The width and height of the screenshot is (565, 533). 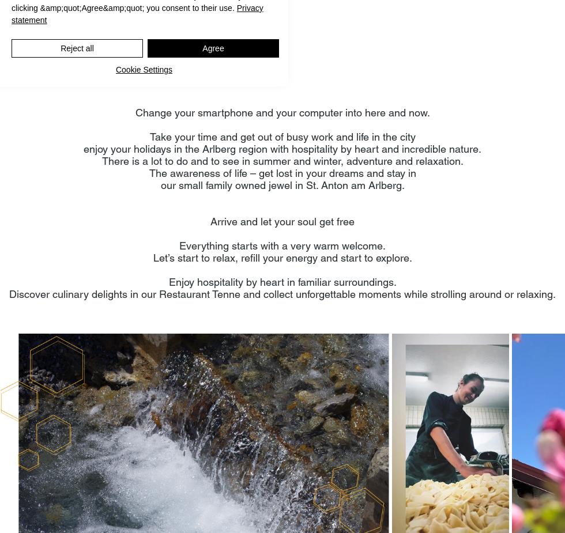 I want to click on 'Arrive and let your soul get free', so click(x=282, y=221).